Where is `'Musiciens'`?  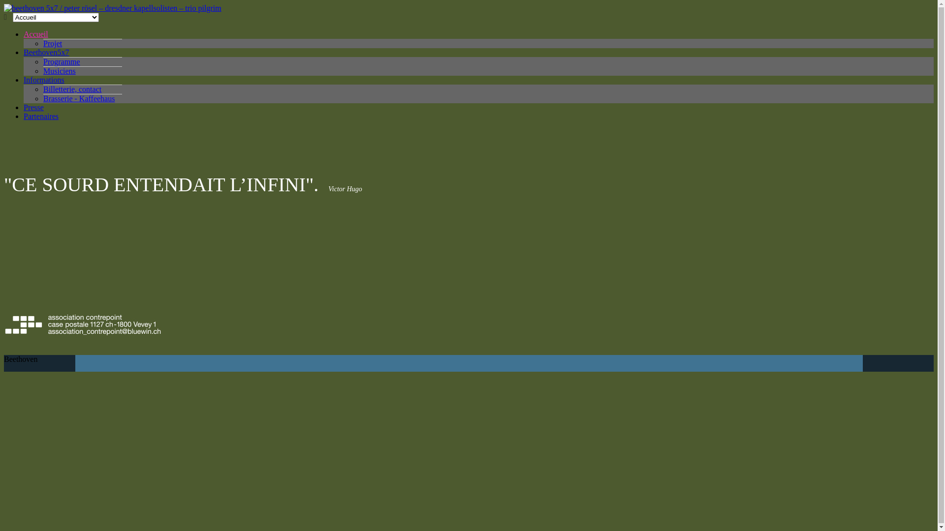 'Musiciens' is located at coordinates (42, 70).